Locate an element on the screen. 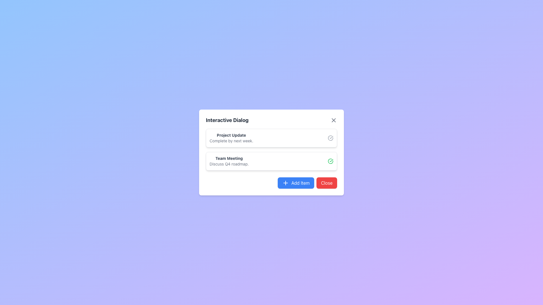 This screenshot has height=305, width=543. the text label that serves as the title for the second section of the dialog box, positioned above the smaller text 'Discuss Q4 roadmap.' is located at coordinates (229, 158).